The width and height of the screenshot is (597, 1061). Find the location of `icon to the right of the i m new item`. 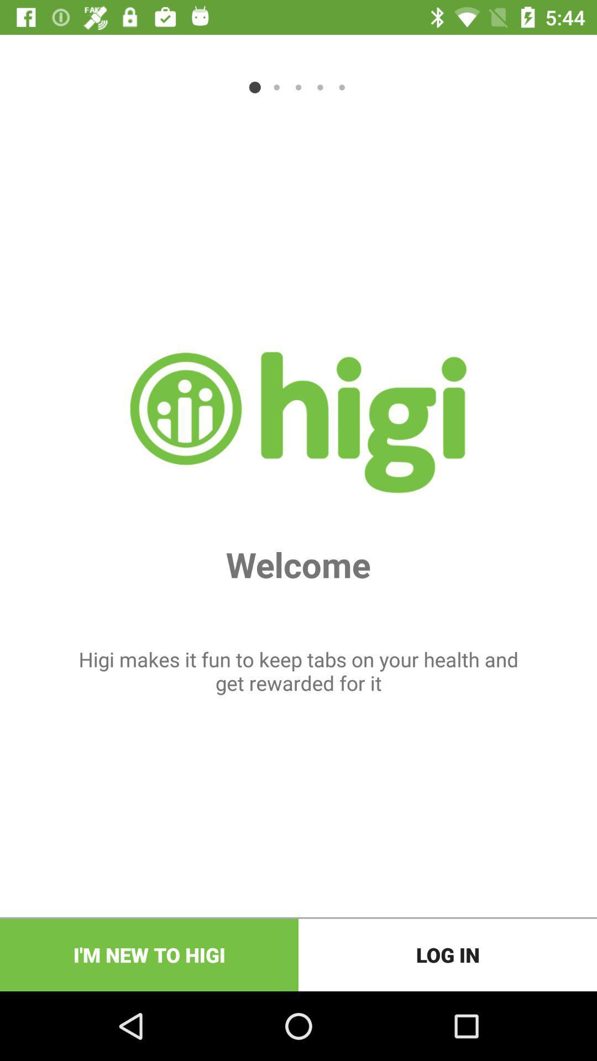

icon to the right of the i m new item is located at coordinates (448, 954).